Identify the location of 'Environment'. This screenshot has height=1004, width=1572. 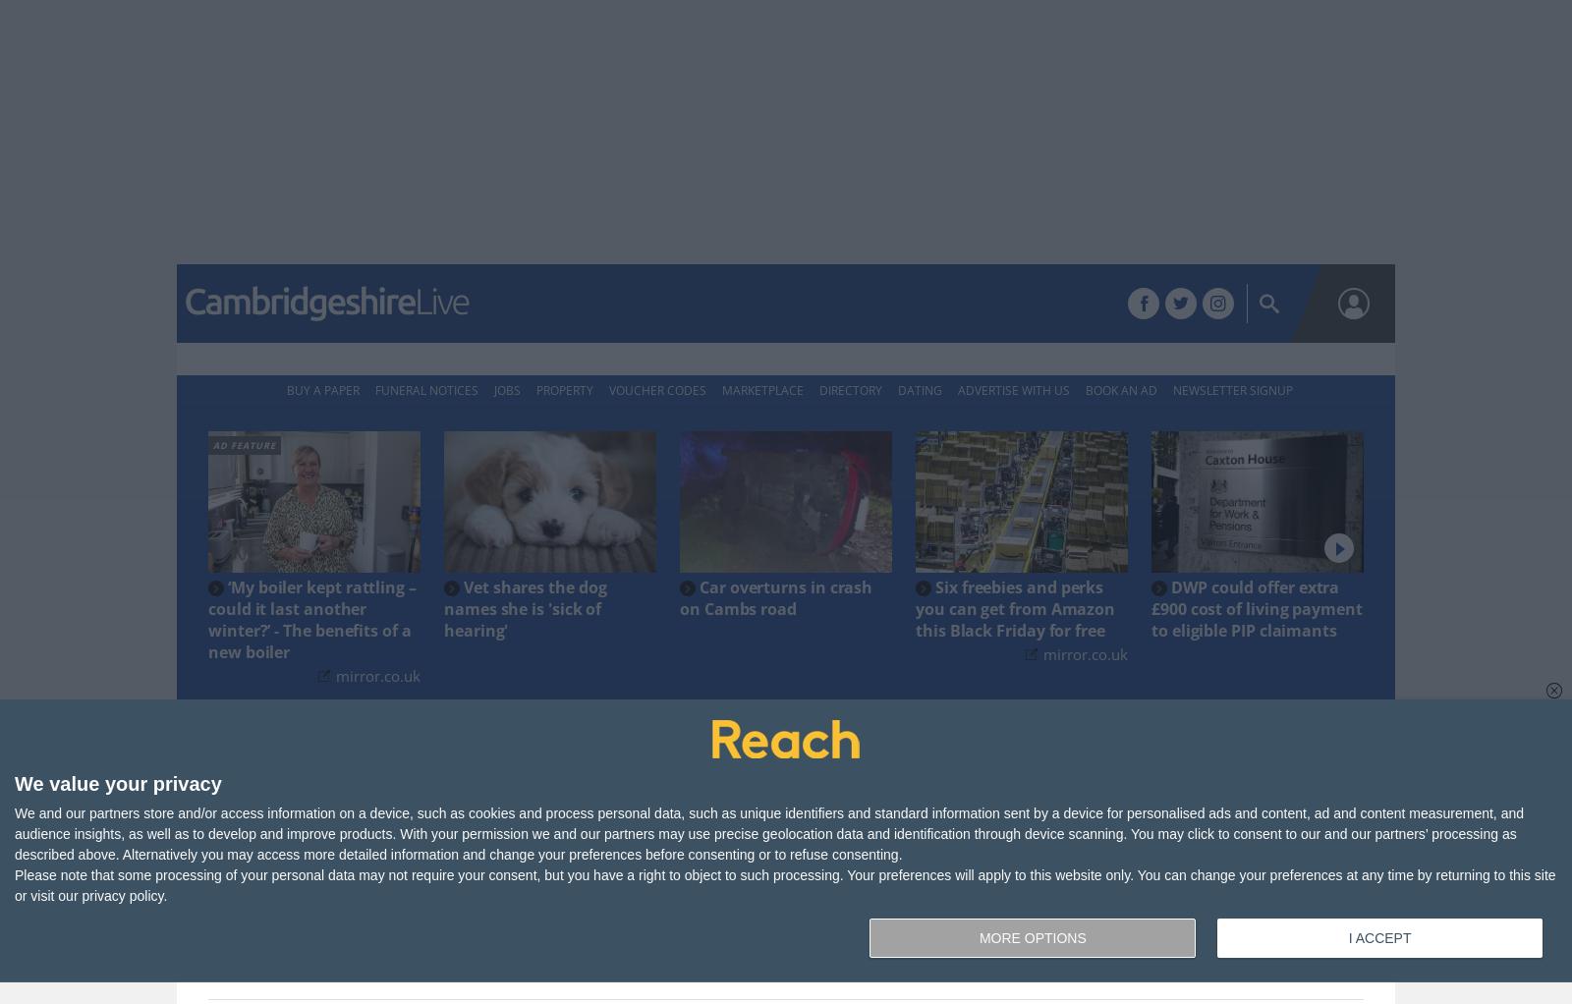
(1019, 304).